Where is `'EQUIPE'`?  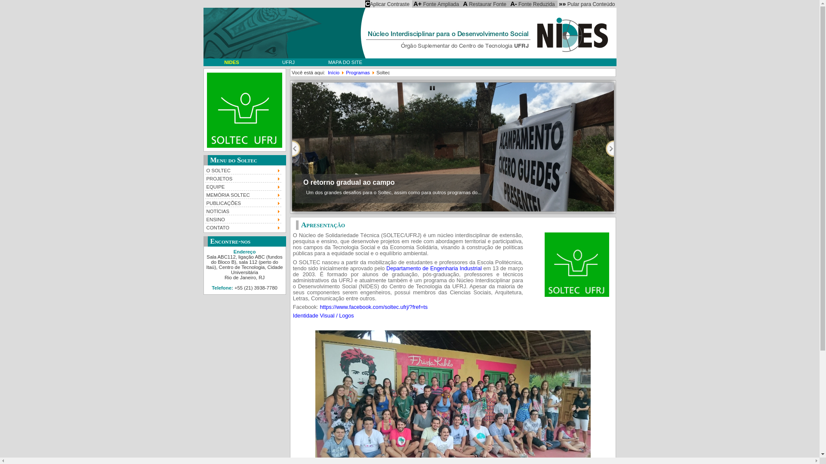 'EQUIPE' is located at coordinates (243, 186).